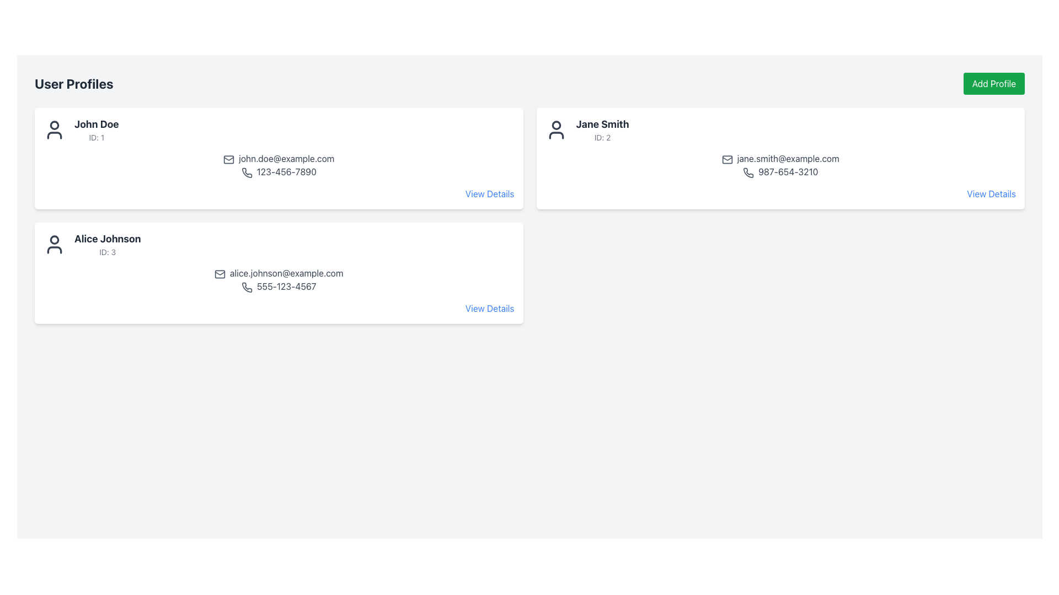 This screenshot has height=595, width=1059. Describe the element at coordinates (54, 244) in the screenshot. I see `the user profile avatar icon located at the upper-left corner of Alice Johnson's profile card` at that location.